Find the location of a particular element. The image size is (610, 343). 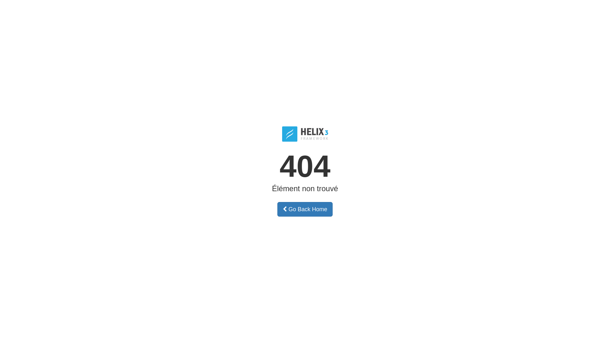

'Go Back Home' is located at coordinates (305, 209).